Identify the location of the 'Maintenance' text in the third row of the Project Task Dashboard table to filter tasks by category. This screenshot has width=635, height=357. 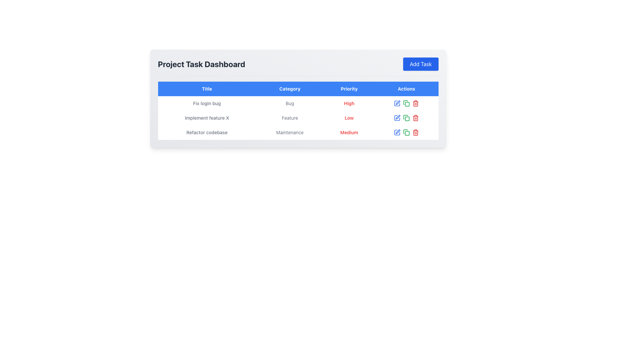
(298, 133).